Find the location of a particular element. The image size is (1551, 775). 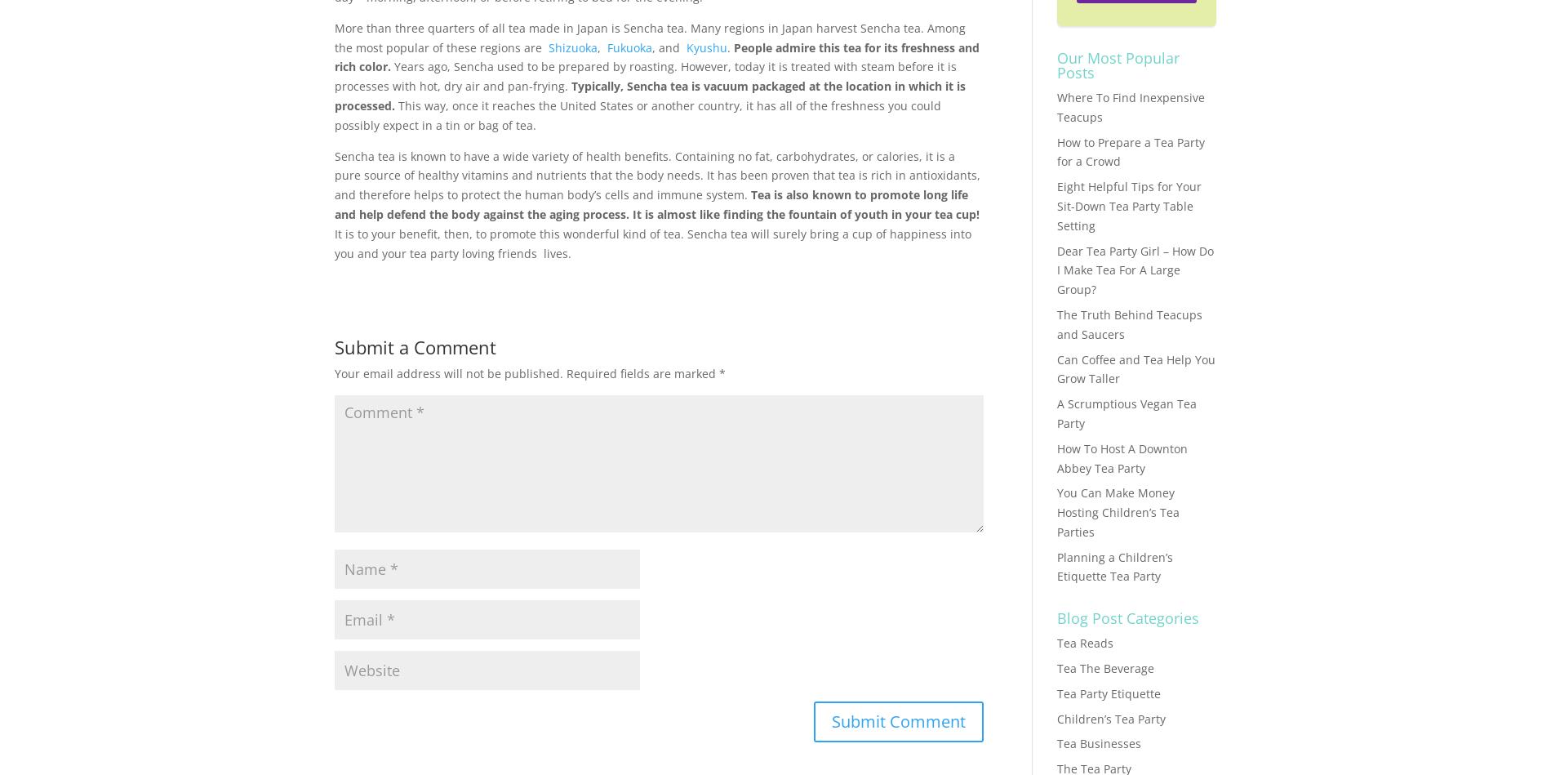

'Planning a Children’s Etiquette Tea Party' is located at coordinates (1113, 566).